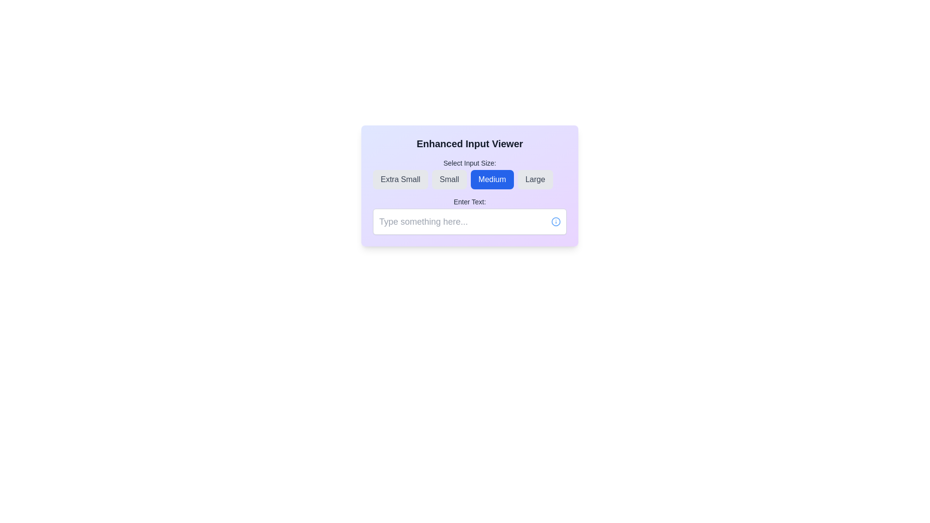 The height and width of the screenshot is (523, 930). Describe the element at coordinates (400, 179) in the screenshot. I see `the 'Extra Small' size button in the Enhanced Input Viewer pop-up` at that location.